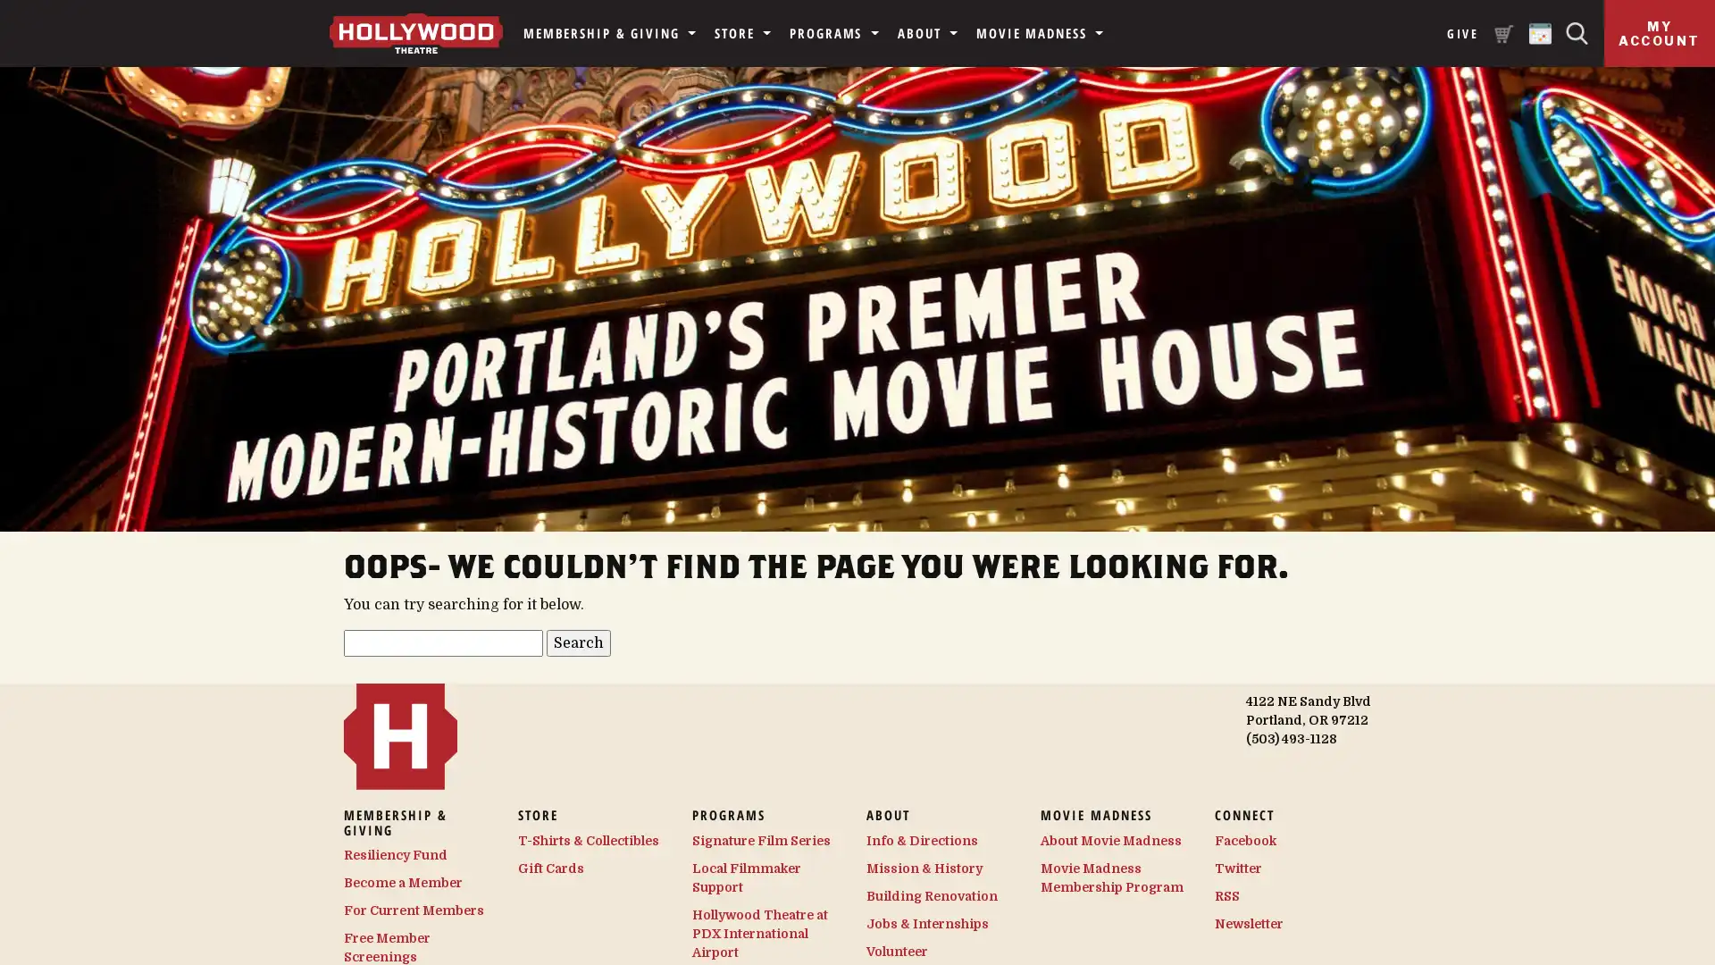  I want to click on ABOUT, so click(927, 33).